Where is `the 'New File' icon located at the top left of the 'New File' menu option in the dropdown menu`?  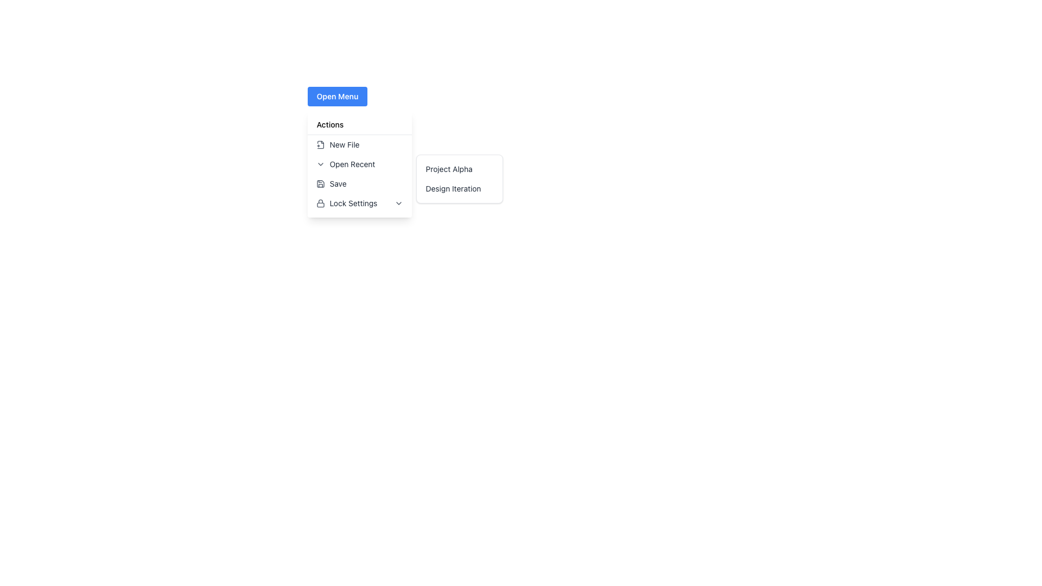 the 'New File' icon located at the top left of the 'New File' menu option in the dropdown menu is located at coordinates (320, 144).